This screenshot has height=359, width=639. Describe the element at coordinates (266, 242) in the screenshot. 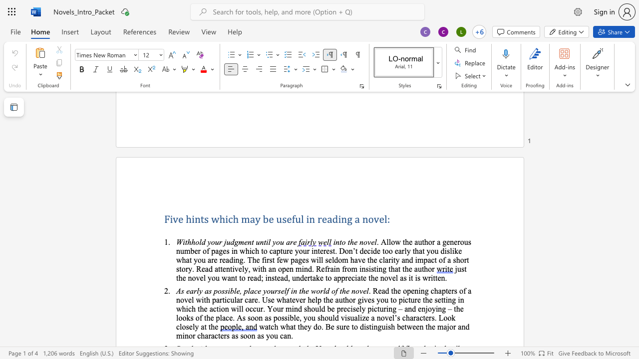

I see `the space between the continuous character "t" and "i" in the text` at that location.